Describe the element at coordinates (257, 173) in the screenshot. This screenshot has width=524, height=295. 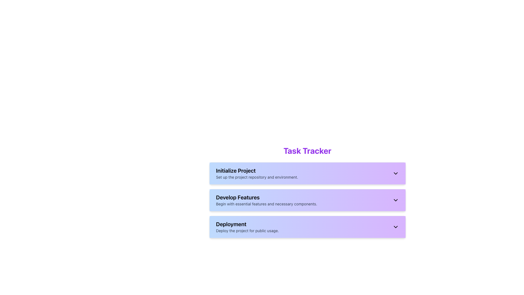
I see `information displayed in the List item titled 'Initialize Project', which includes the description 'Set up the project repository and environment.'` at that location.